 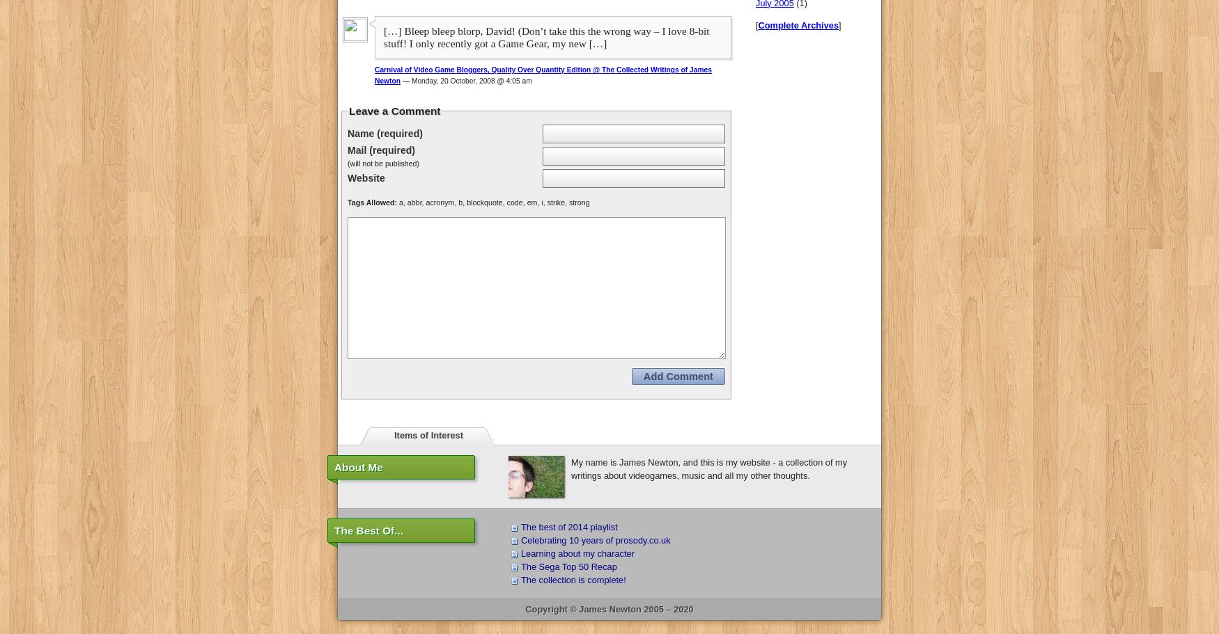 What do you see at coordinates (568, 566) in the screenshot?
I see `'The Sega Top 50 Recap'` at bounding box center [568, 566].